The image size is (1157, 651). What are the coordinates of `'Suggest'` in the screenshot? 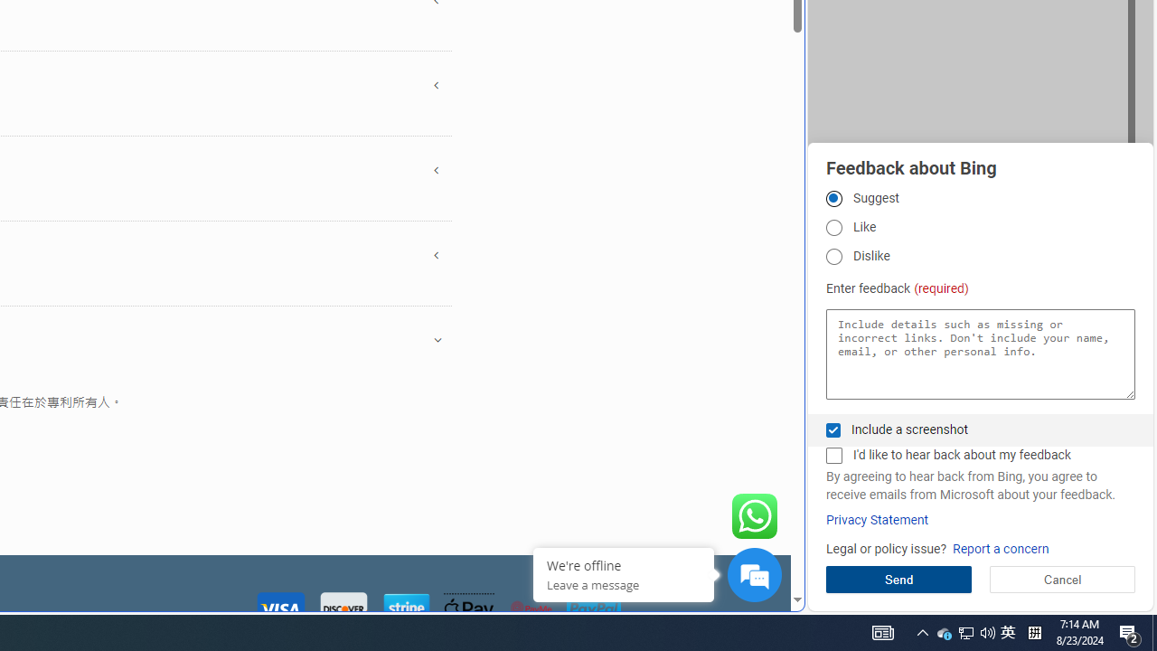 It's located at (832, 198).